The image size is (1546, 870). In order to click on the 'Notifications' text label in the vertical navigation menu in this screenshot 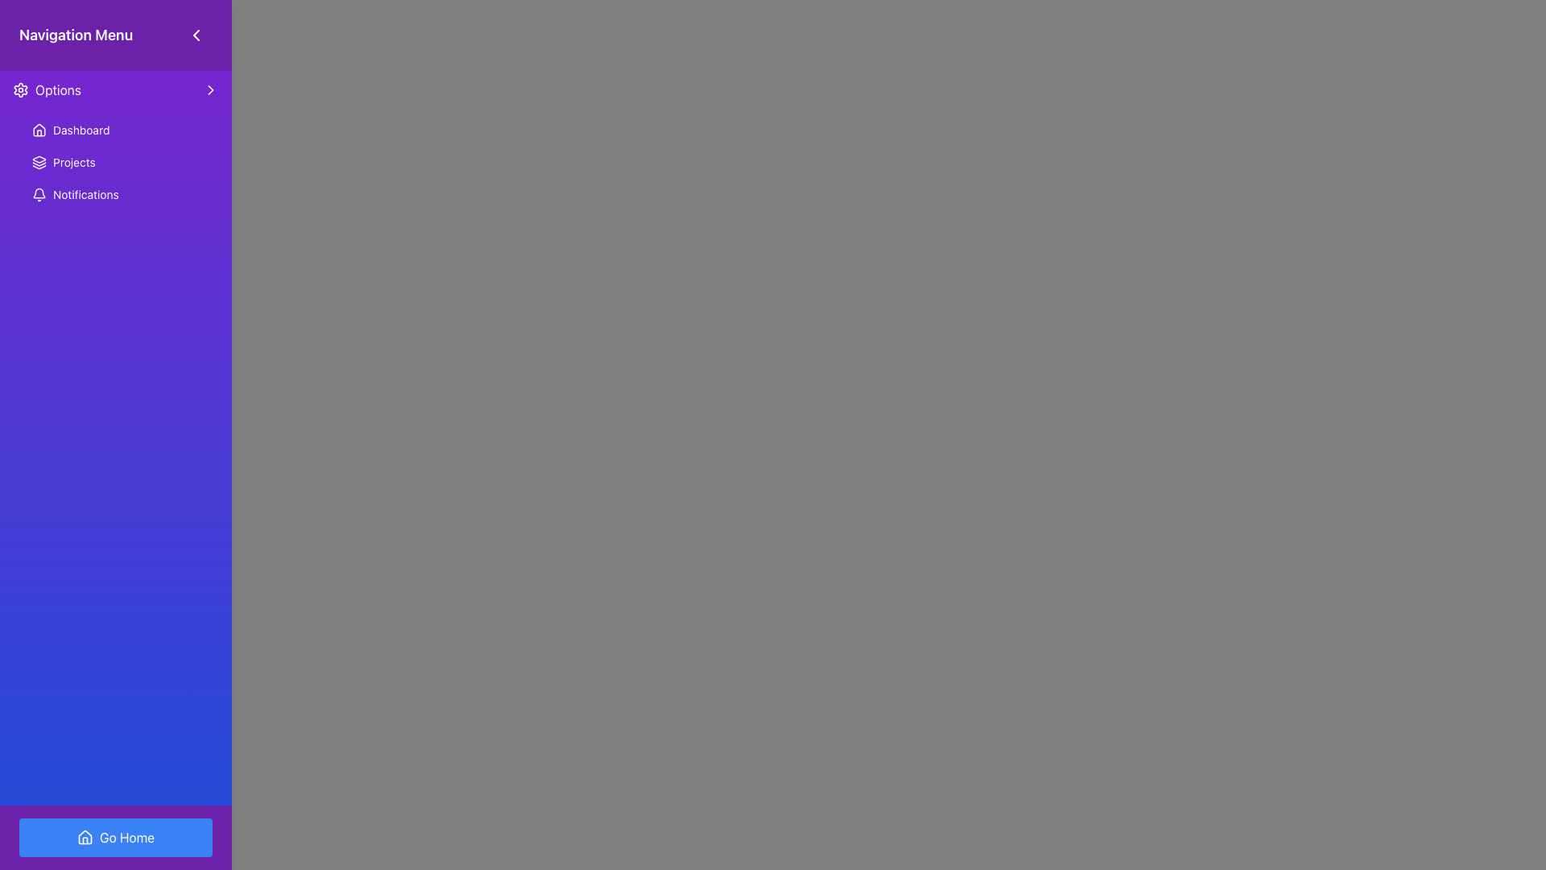, I will do `click(85, 194)`.